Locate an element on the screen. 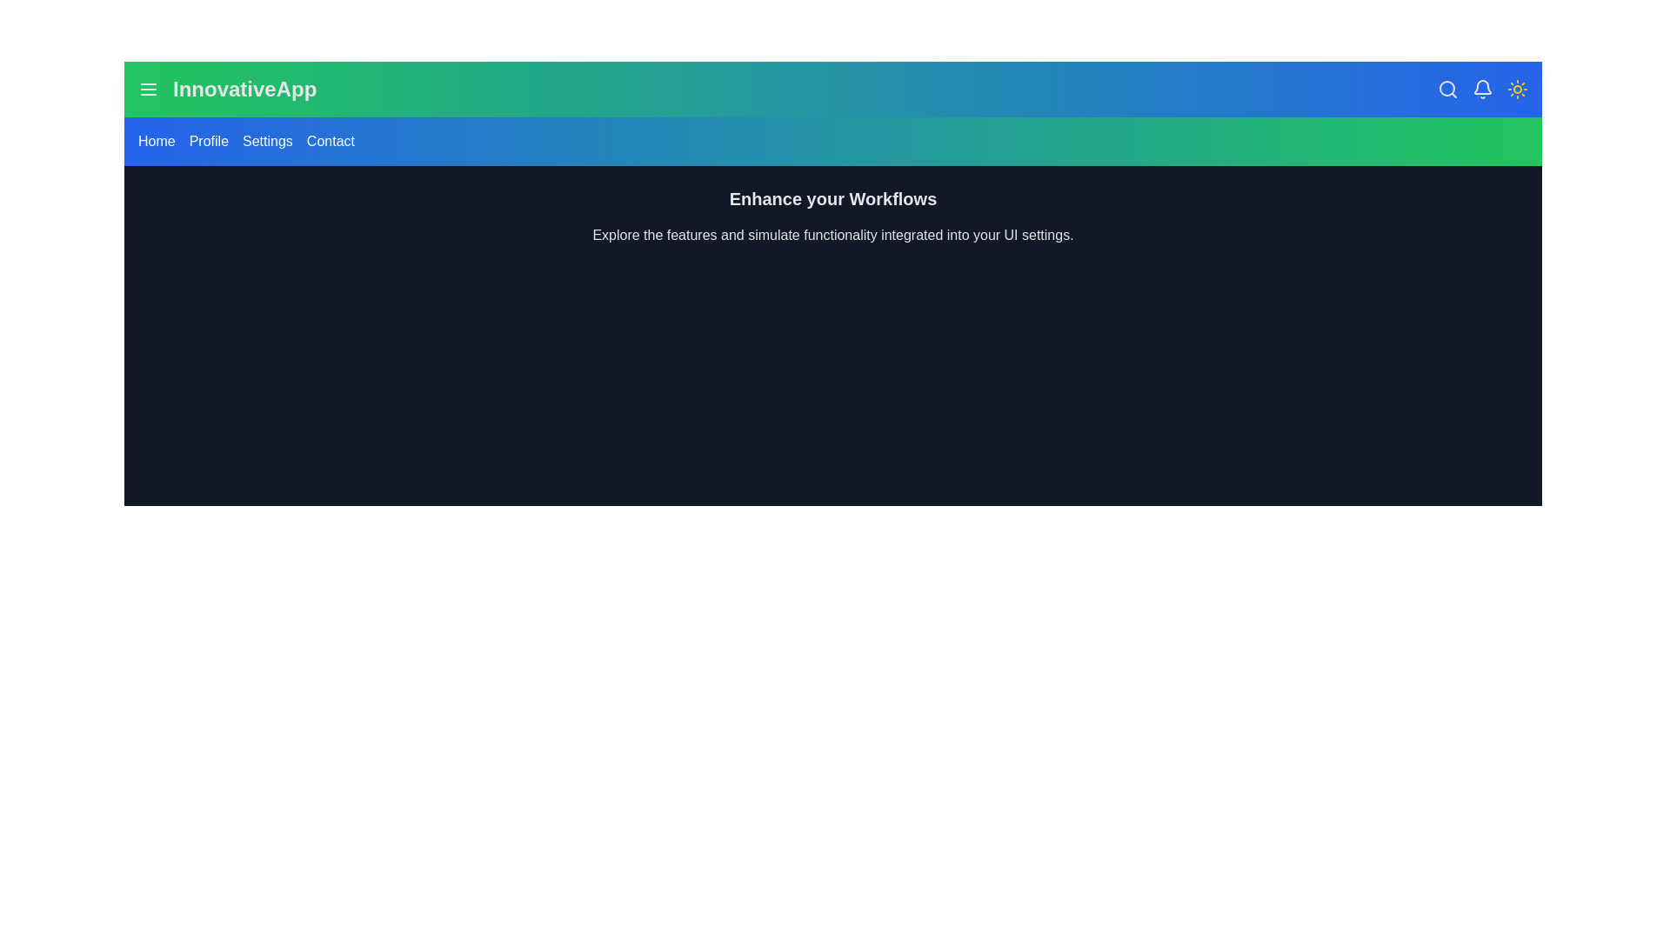 Image resolution: width=1670 pixels, height=939 pixels. the menu toggle button to change the menu's open/close state is located at coordinates (149, 90).